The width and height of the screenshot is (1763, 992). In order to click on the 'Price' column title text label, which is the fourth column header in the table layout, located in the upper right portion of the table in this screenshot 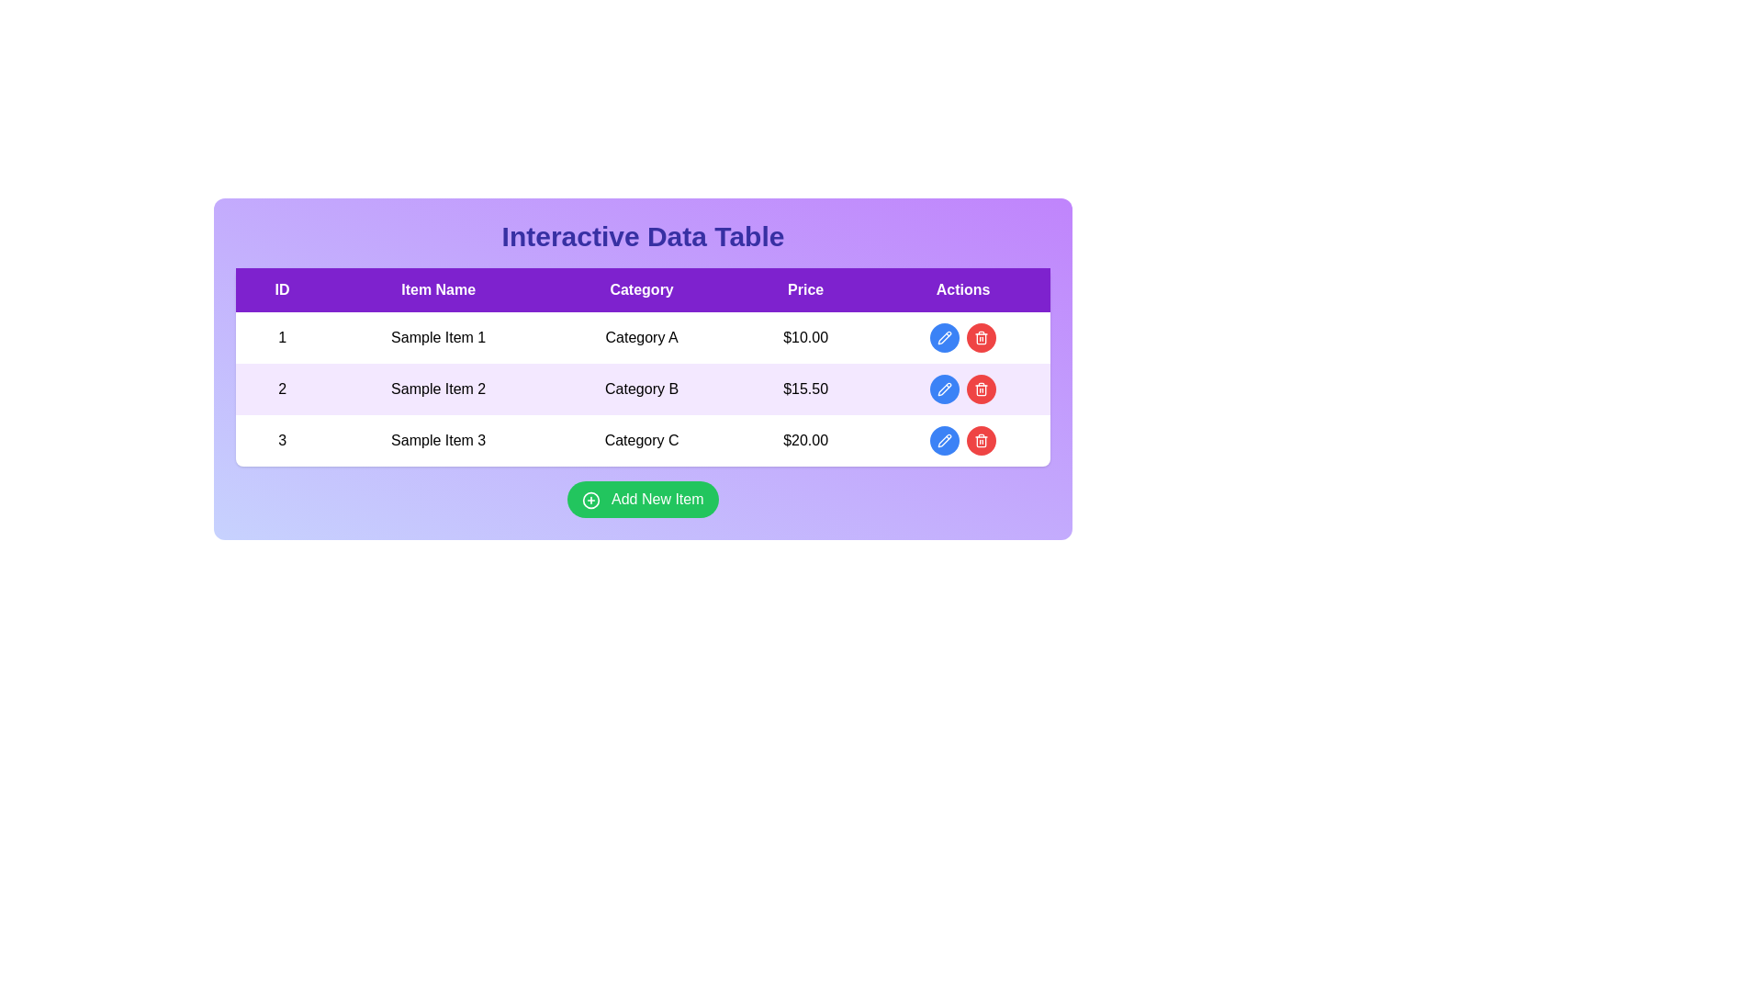, I will do `click(805, 289)`.